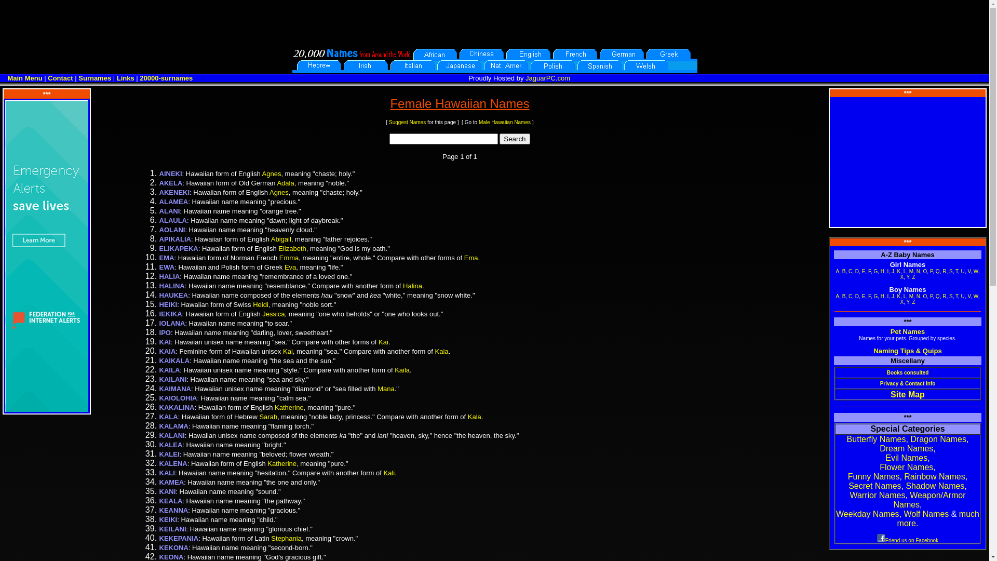  Describe the element at coordinates (166, 77) in the screenshot. I see `'20000-surnames'` at that location.